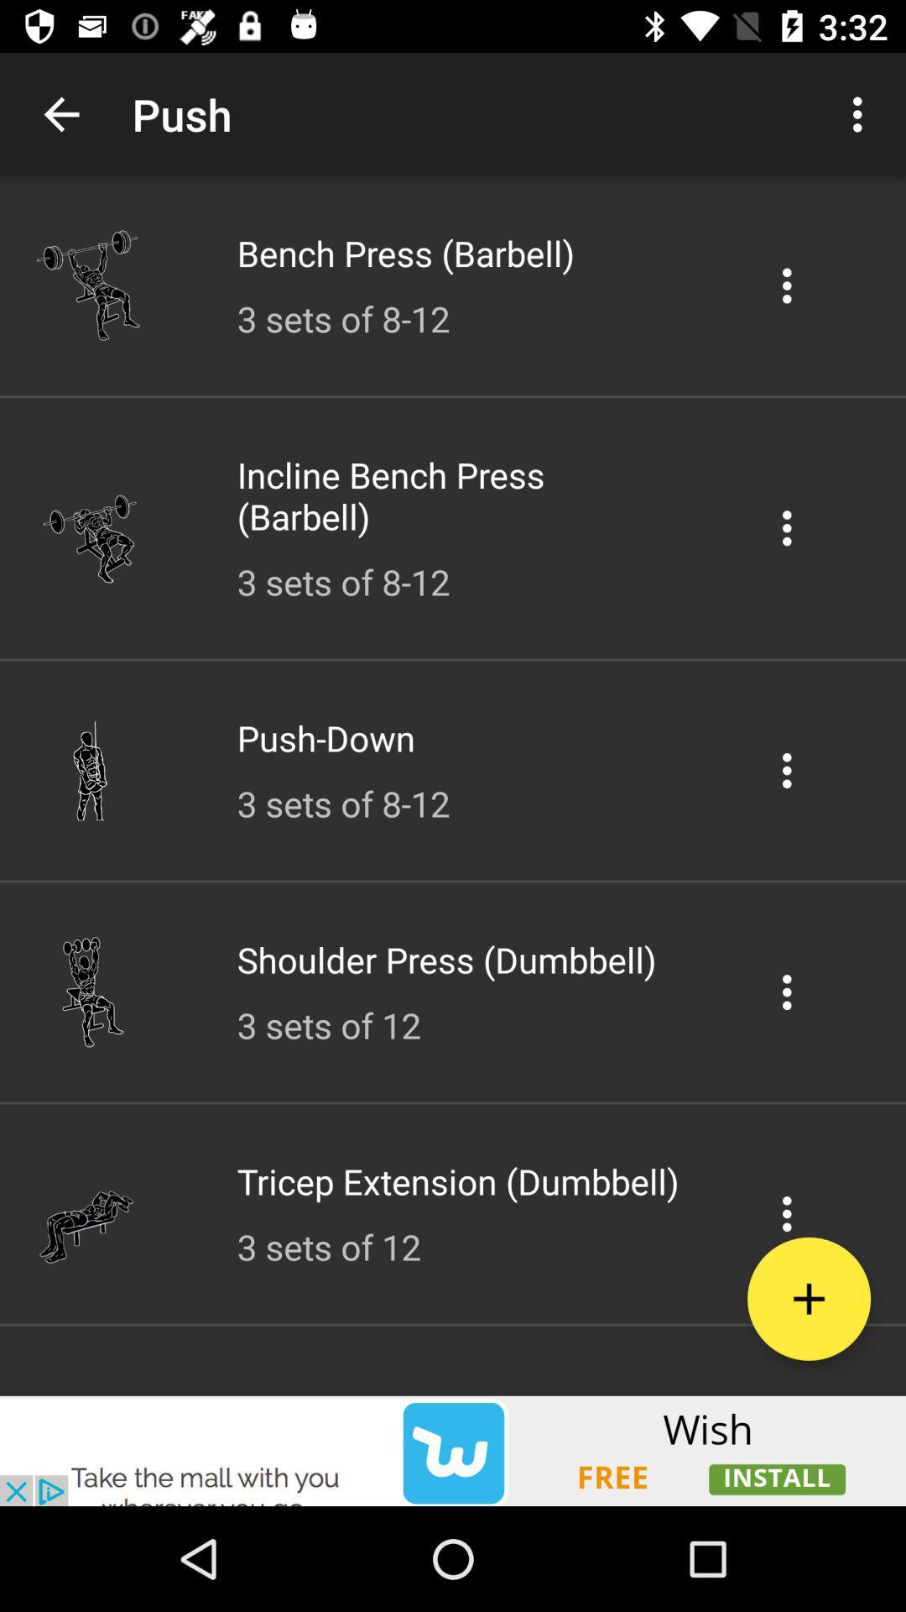  What do you see at coordinates (787, 285) in the screenshot?
I see `option` at bounding box center [787, 285].